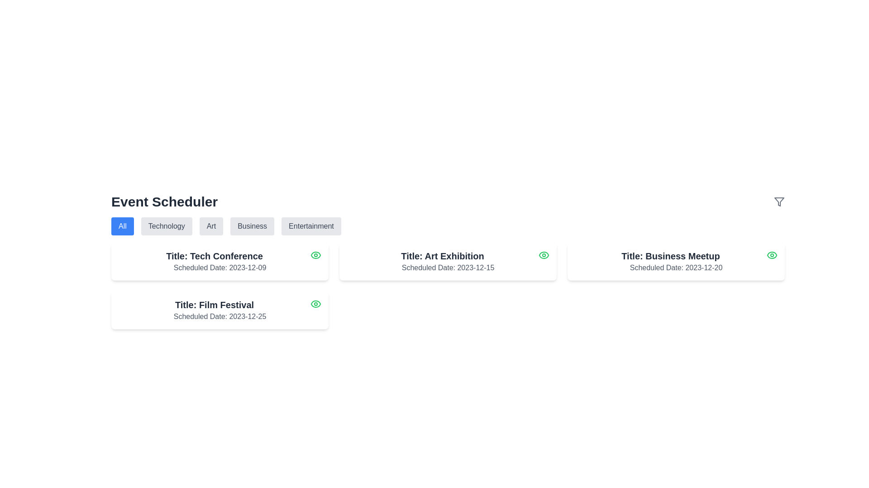 Image resolution: width=869 pixels, height=488 pixels. I want to click on the minimalist filter icon, represented as an inverted triangle with a narrow stem, located at the top right area of the interface, so click(779, 202).